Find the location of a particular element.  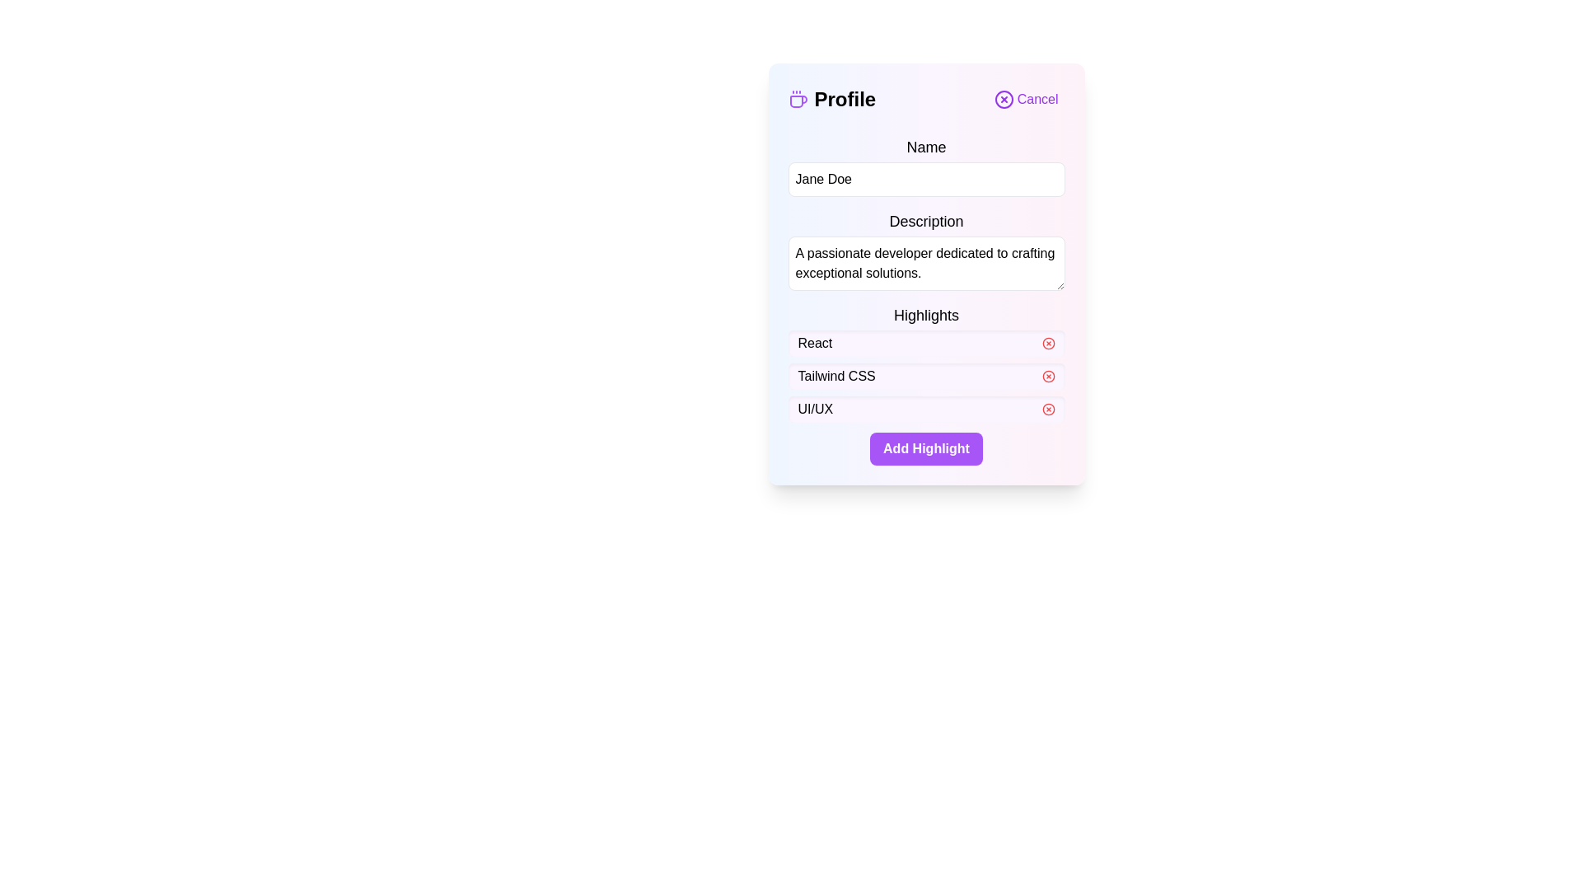

the labels in the 'Profile' Input form is located at coordinates (926, 301).